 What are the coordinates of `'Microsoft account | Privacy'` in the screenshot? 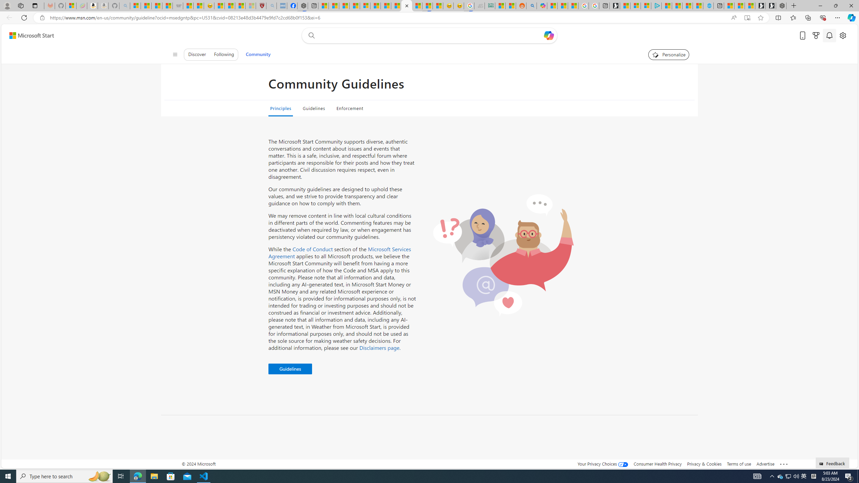 It's located at (646, 5).